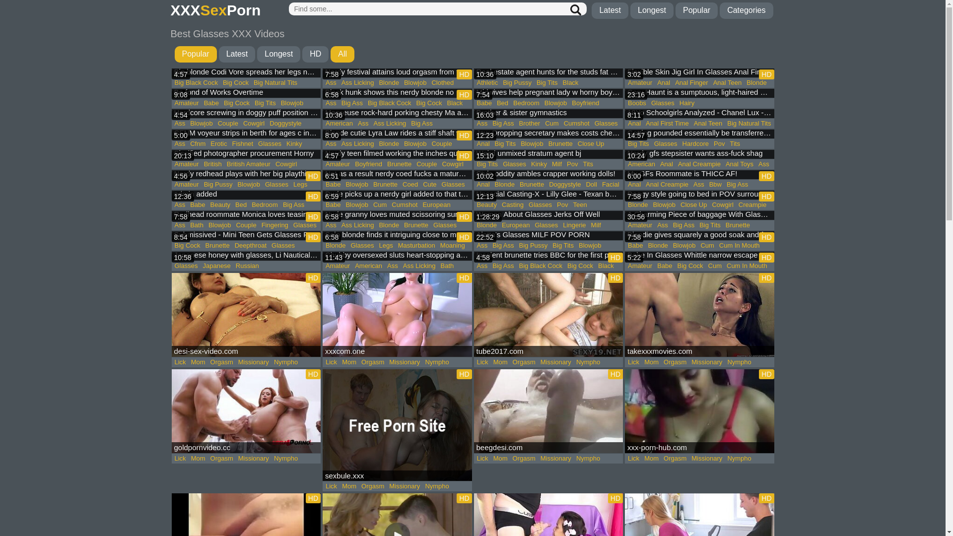  What do you see at coordinates (474, 82) in the screenshot?
I see `'Athletic'` at bounding box center [474, 82].